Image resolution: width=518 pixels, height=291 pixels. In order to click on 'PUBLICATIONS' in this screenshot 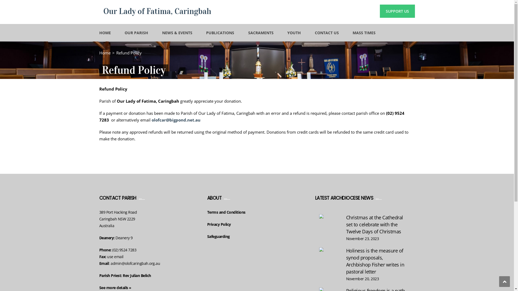, I will do `click(206, 33)`.